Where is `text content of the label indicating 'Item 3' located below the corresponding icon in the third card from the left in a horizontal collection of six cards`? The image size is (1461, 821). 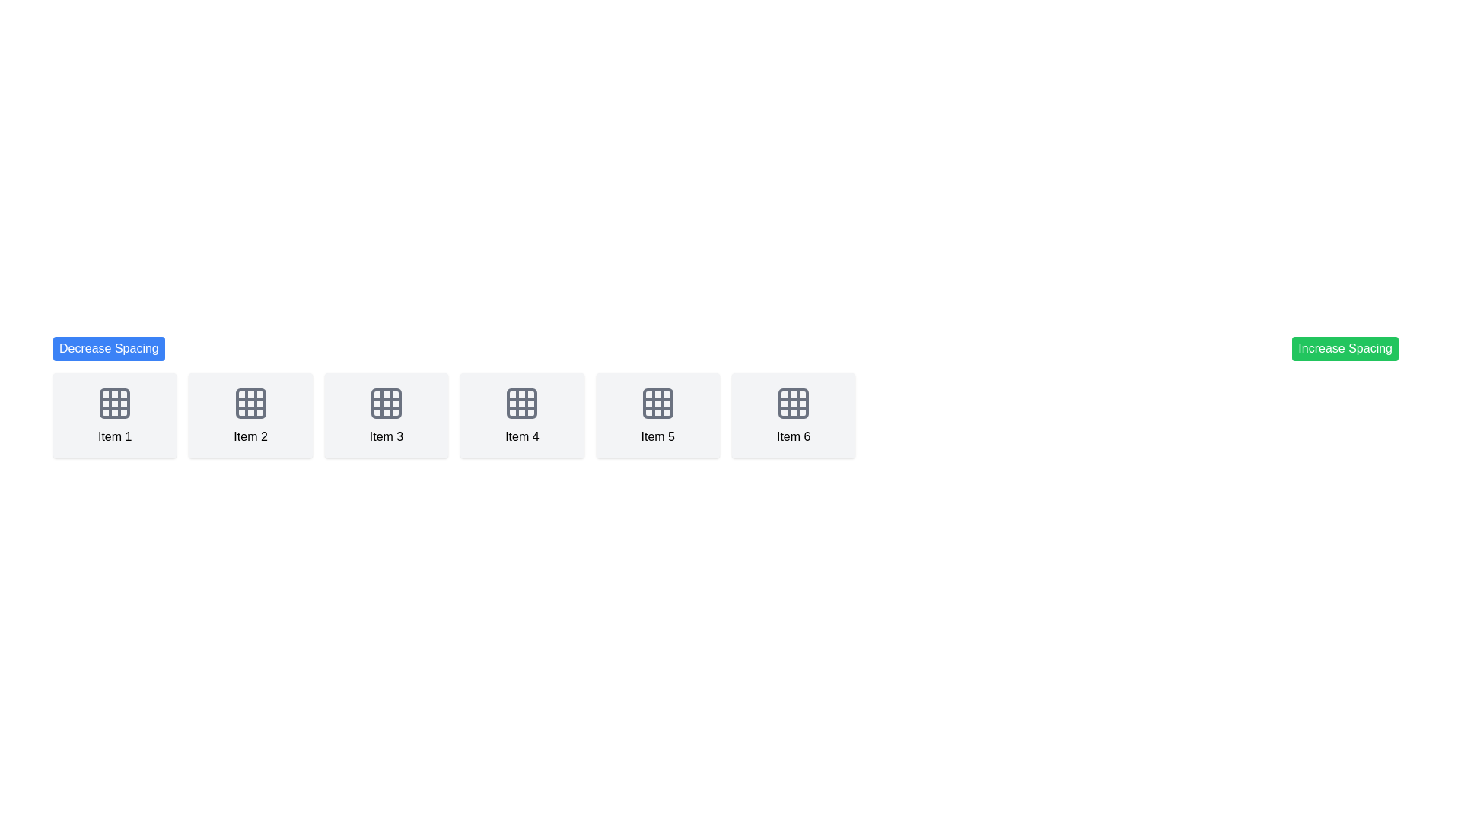 text content of the label indicating 'Item 3' located below the corresponding icon in the third card from the left in a horizontal collection of six cards is located at coordinates (387, 436).